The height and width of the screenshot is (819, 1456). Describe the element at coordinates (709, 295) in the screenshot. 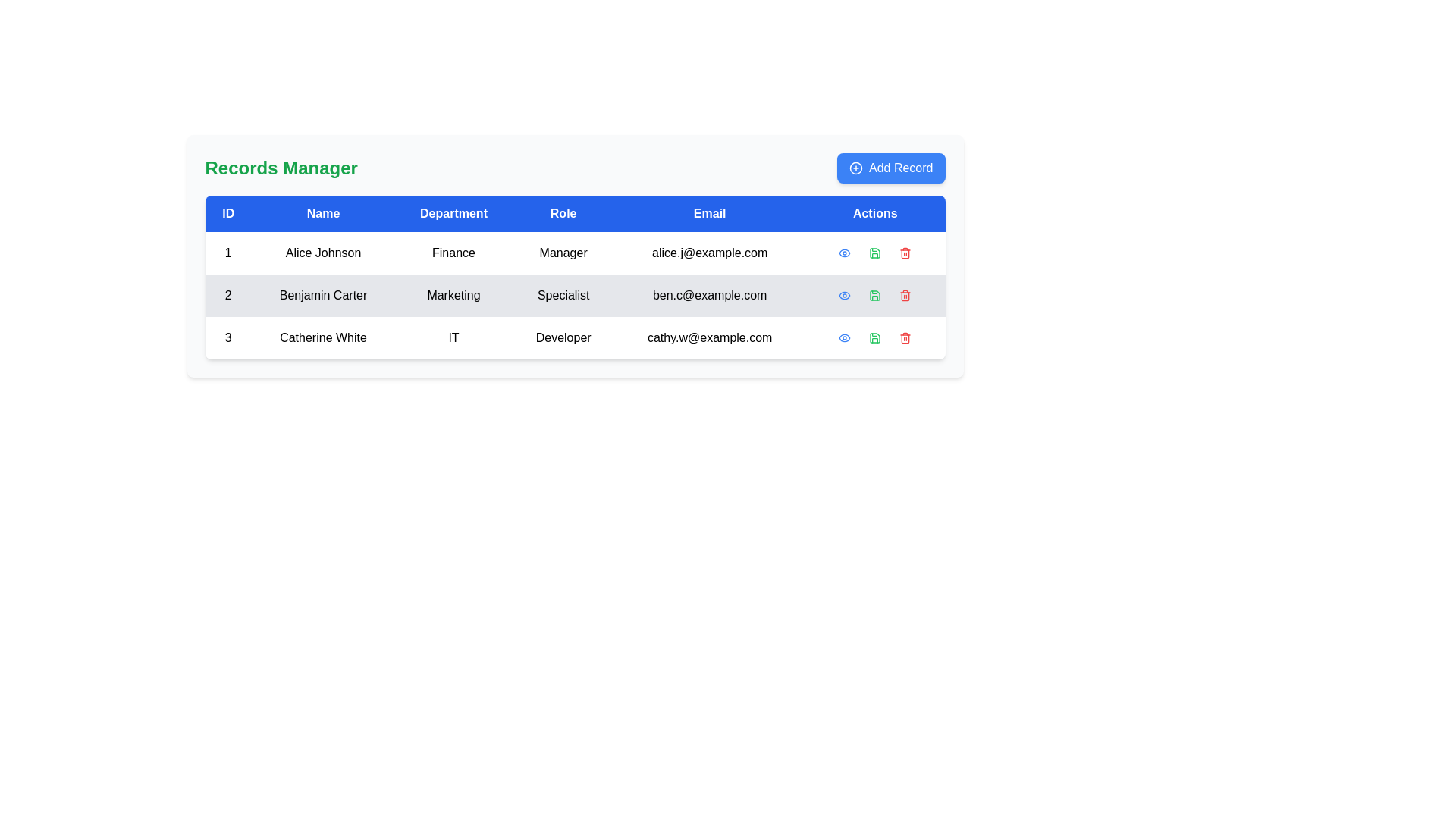

I see `the static text displaying the email address 'ben.c@example.com' located in the fifth column of the table row for 'Benjamin Carter'` at that location.